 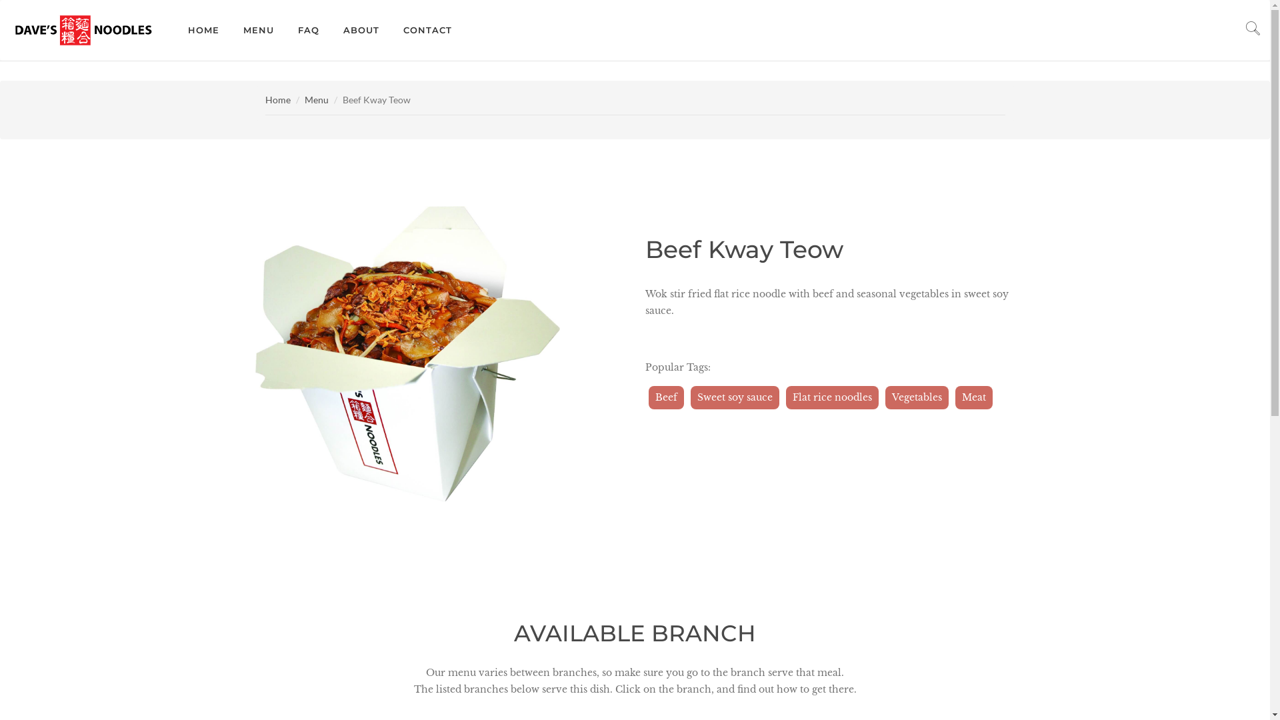 I want to click on 'Menu', so click(x=315, y=99).